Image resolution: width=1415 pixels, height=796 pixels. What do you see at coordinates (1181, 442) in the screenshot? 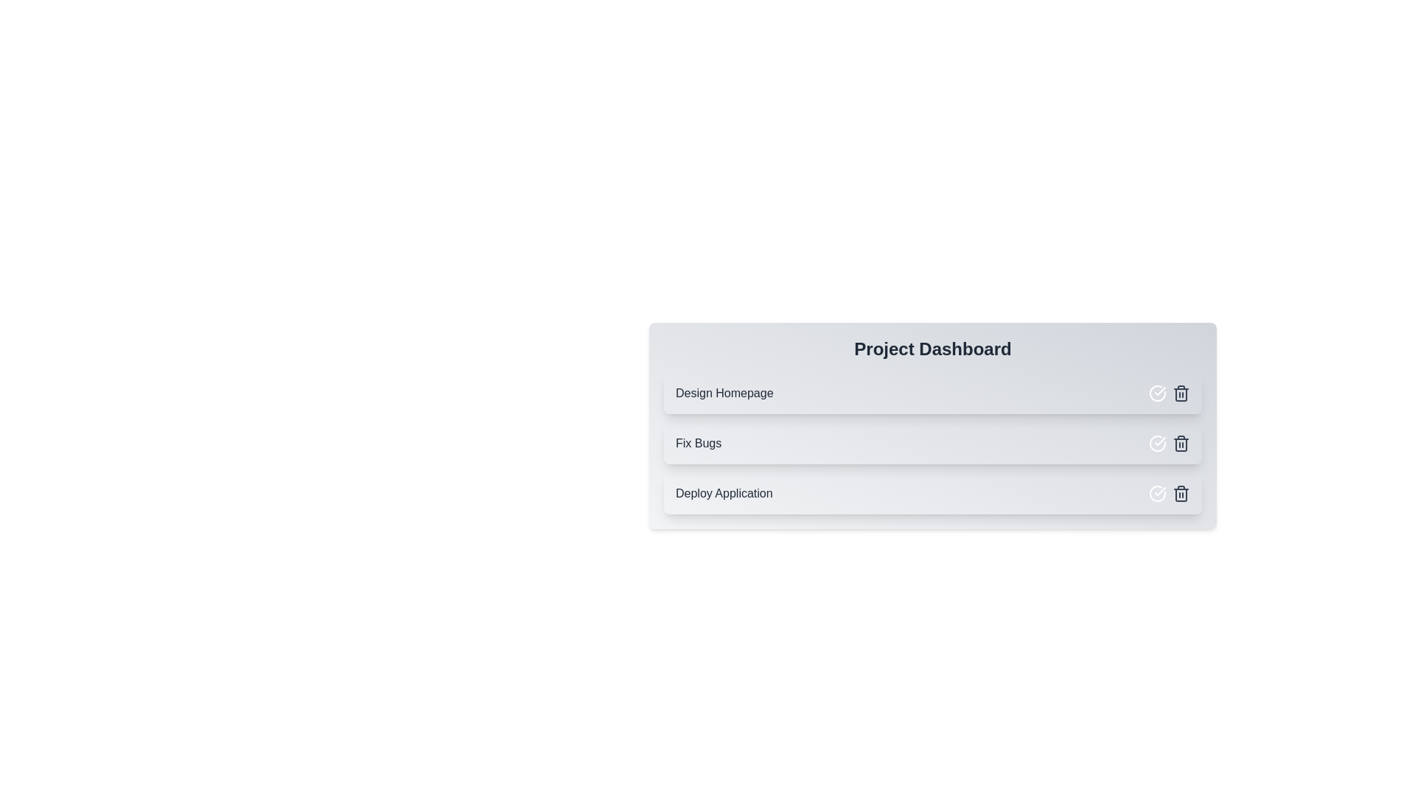
I see `the trash icon of the project named Fix Bugs to delete it` at bounding box center [1181, 442].